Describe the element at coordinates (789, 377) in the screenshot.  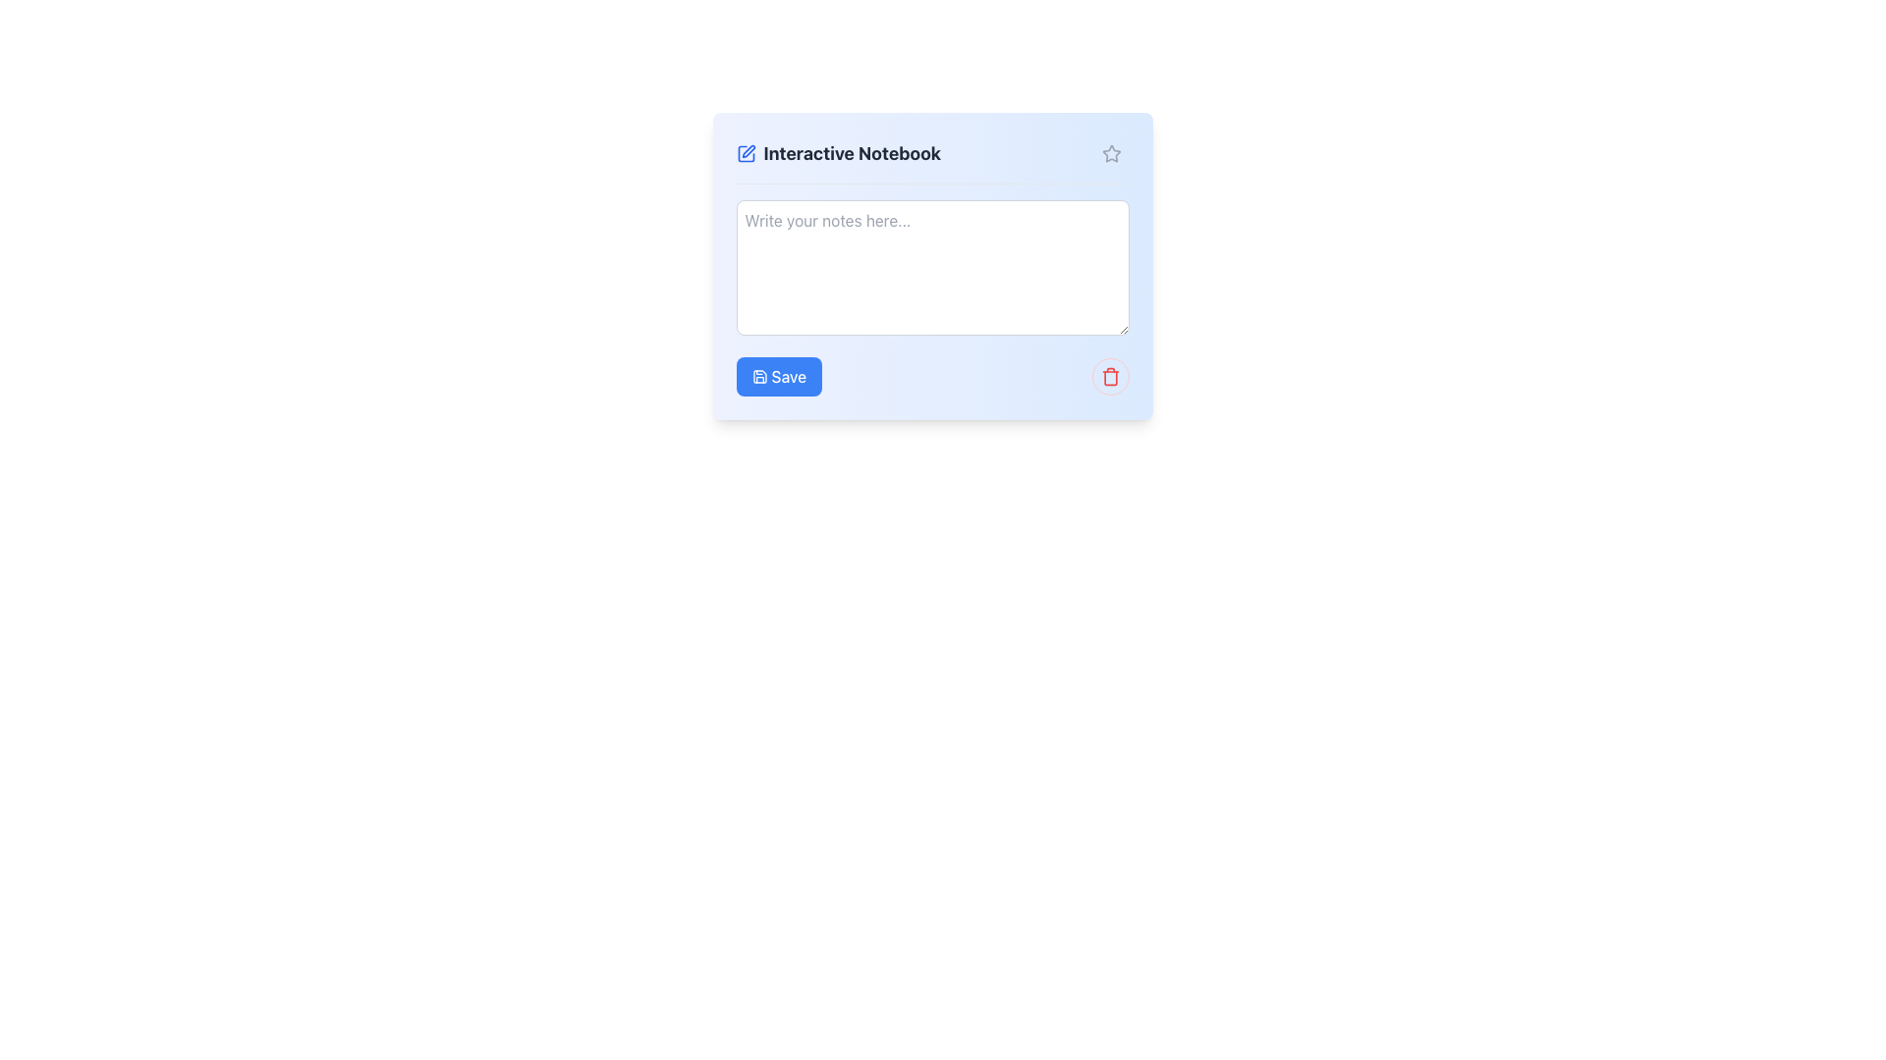
I see `the 'Save' text label inside the button at the bottom of the card interface` at that location.